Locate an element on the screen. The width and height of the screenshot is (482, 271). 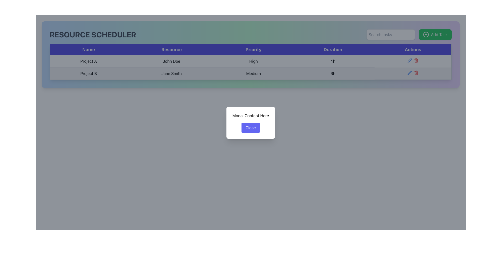
the text component displaying 'Medium' in the 'RESOURCE SCHEDULER' interface, located in the third column of the second row, under the 'Priority' header is located at coordinates (253, 74).